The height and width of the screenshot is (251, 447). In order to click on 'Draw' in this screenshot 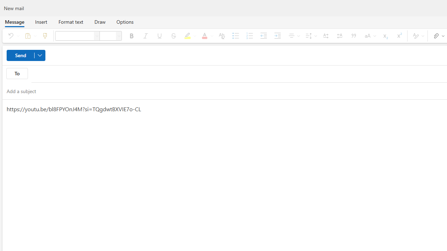, I will do `click(100, 21)`.